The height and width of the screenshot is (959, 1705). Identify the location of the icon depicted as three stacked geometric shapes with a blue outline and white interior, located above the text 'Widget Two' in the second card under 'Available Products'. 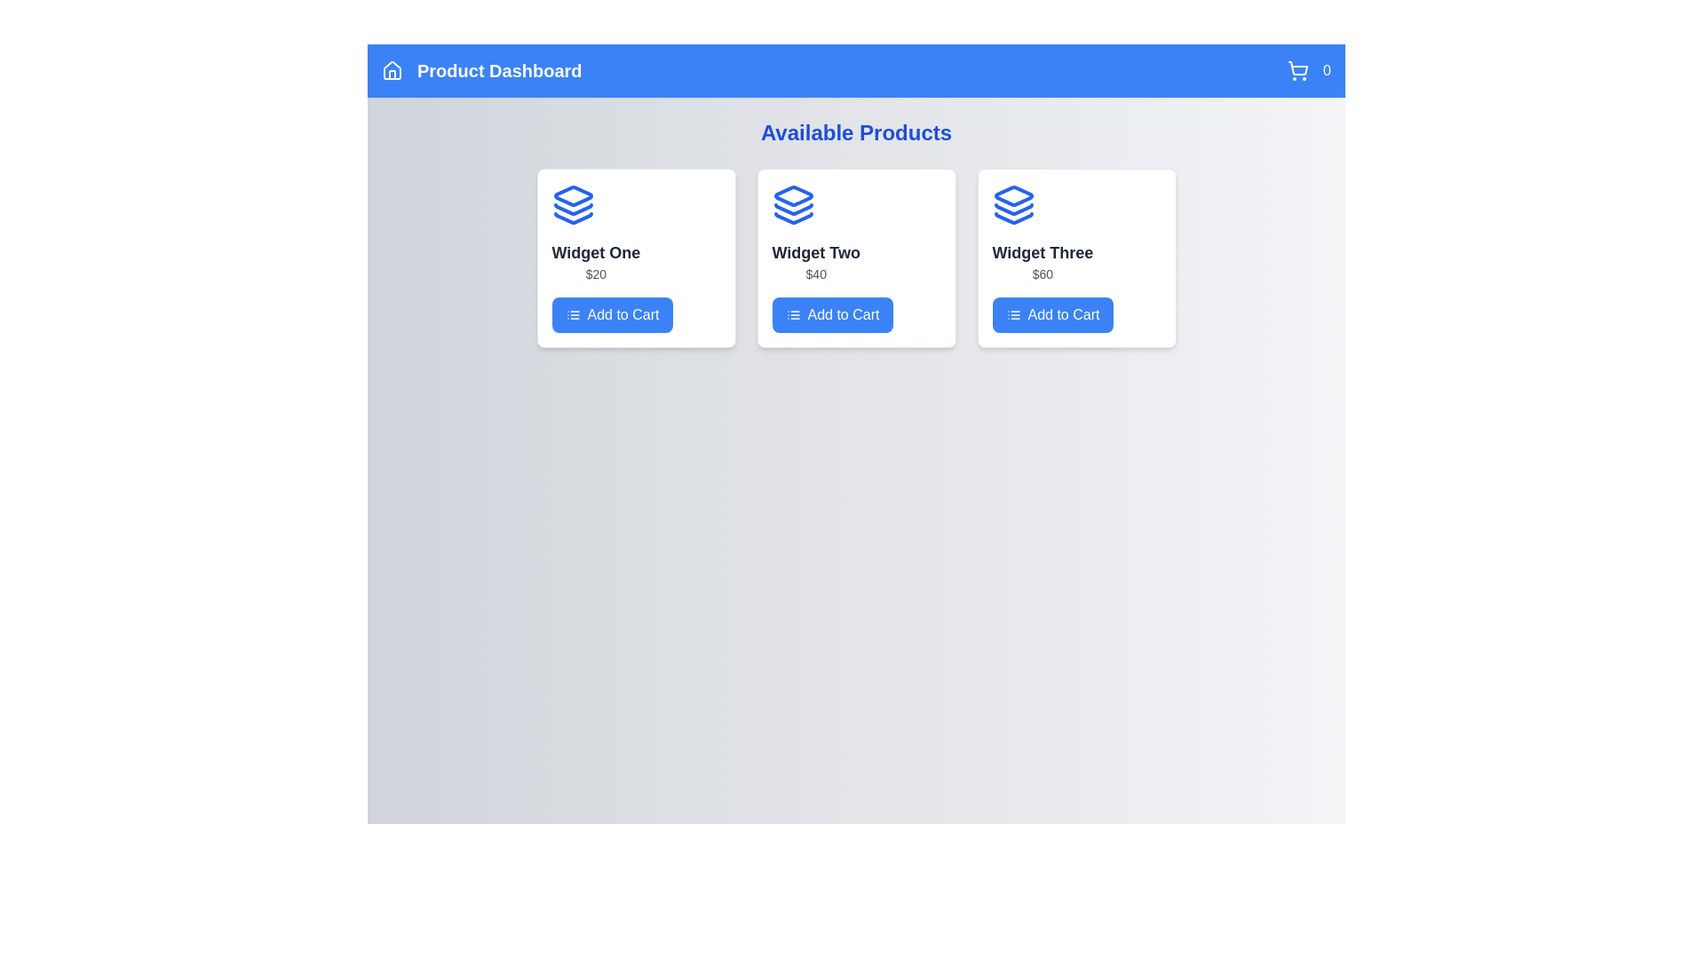
(792, 204).